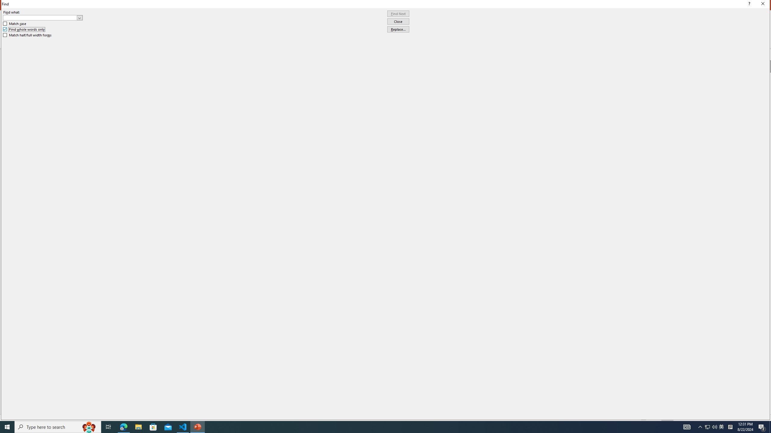 The height and width of the screenshot is (433, 771). What do you see at coordinates (43, 17) in the screenshot?
I see `'Find what'` at bounding box center [43, 17].